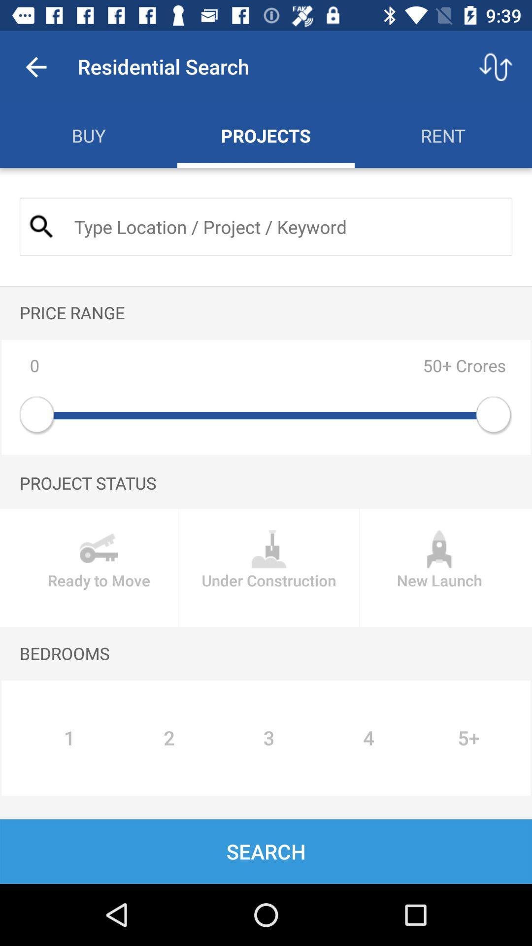  What do you see at coordinates (368, 738) in the screenshot?
I see `the item below the bedrooms item` at bounding box center [368, 738].